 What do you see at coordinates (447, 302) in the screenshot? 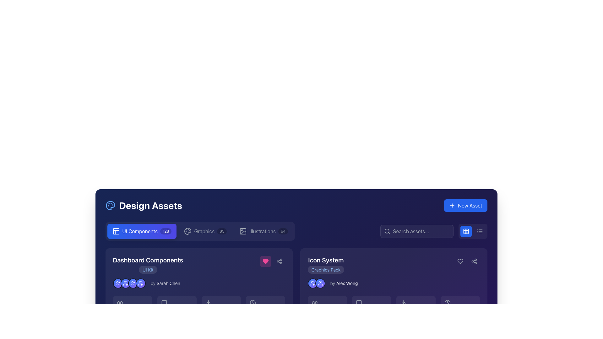
I see `the circular graphical element within the clock icon, which has a light gray stroke and a hollow center, located in the upper right section of the interface` at bounding box center [447, 302].